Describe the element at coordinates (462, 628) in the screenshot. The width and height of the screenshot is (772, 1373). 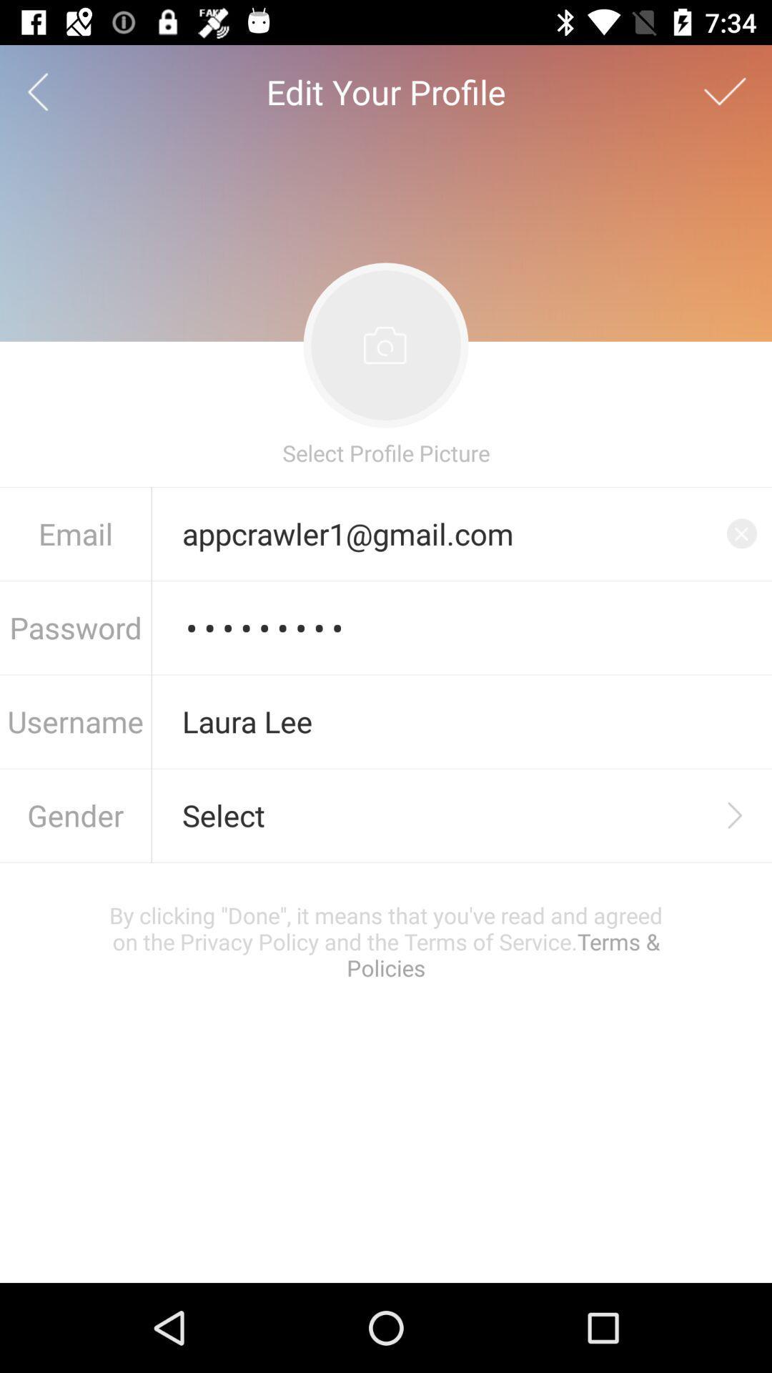
I see `password` at that location.